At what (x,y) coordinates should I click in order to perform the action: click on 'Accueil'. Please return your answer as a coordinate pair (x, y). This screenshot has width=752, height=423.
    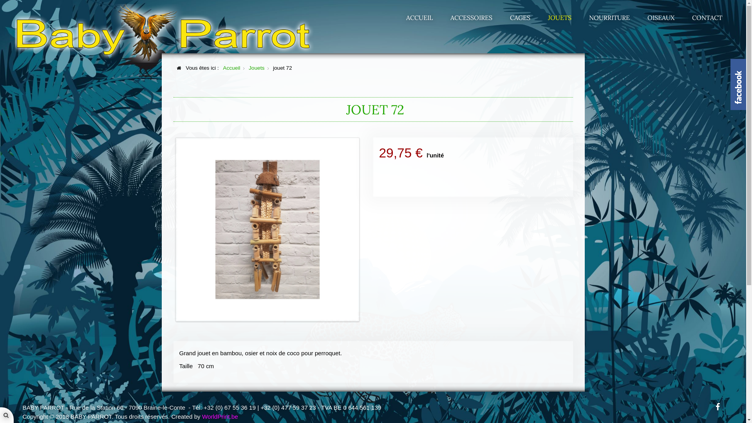
    Looking at the image, I should click on (231, 67).